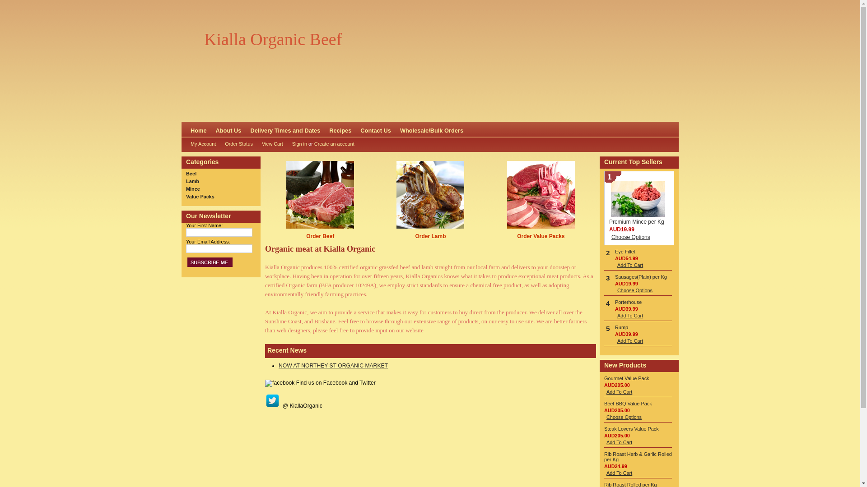 Image resolution: width=867 pixels, height=487 pixels. What do you see at coordinates (334, 143) in the screenshot?
I see `'Create an account'` at bounding box center [334, 143].